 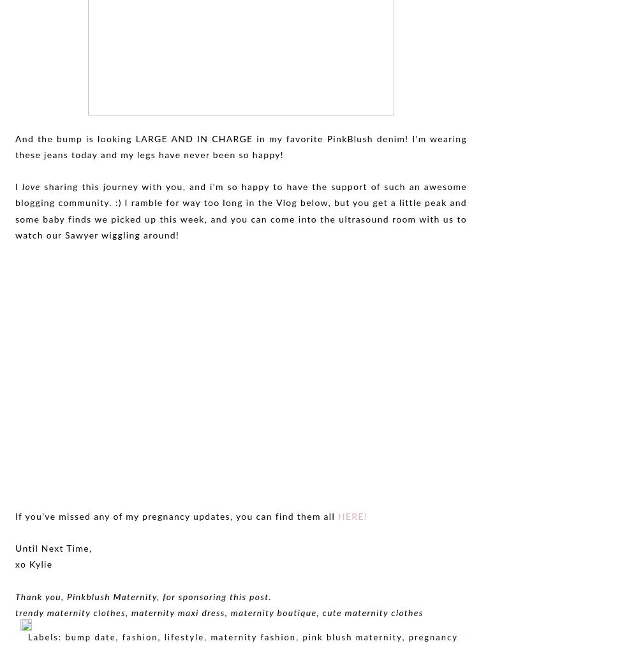 What do you see at coordinates (241, 147) in the screenshot?
I see `'And the bump is looking LARGE AND IN CHARGE in my favorite PinkBlush denim! I'm wearing these jeans today and my legs have never been so happy!'` at bounding box center [241, 147].